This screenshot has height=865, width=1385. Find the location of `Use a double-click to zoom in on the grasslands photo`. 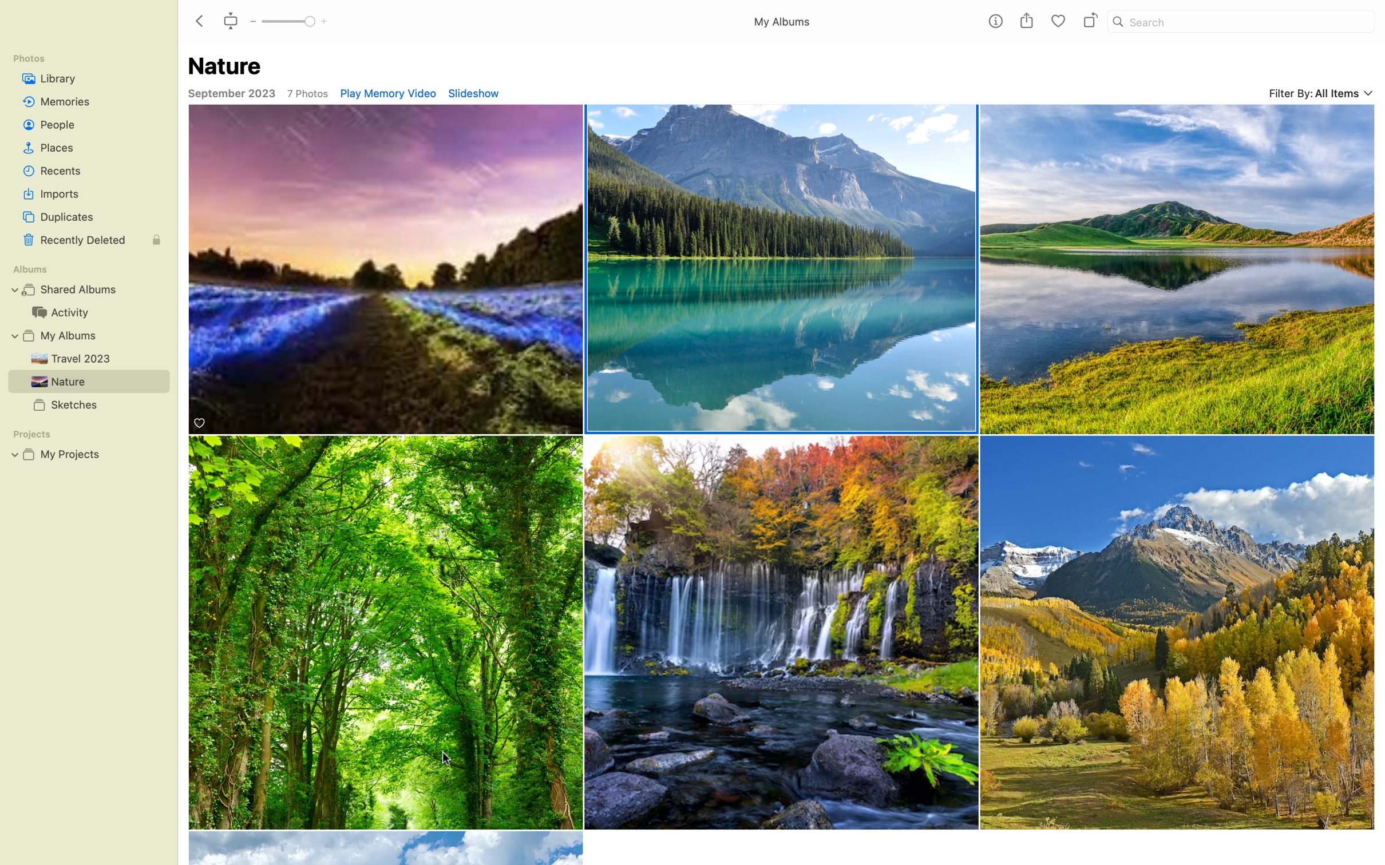

Use a double-click to zoom in on the grasslands photo is located at coordinates (1178, 632).